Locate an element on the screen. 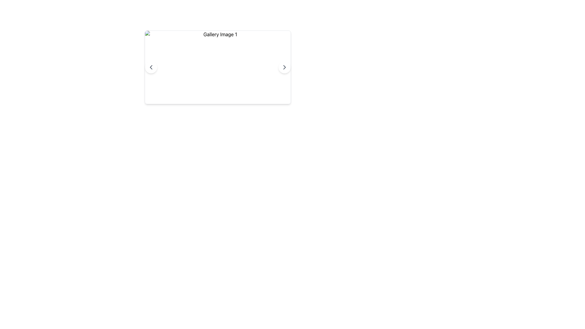 This screenshot has height=329, width=585. the left navigation button located at the middle left edge of the gallery or carousel is located at coordinates (151, 67).